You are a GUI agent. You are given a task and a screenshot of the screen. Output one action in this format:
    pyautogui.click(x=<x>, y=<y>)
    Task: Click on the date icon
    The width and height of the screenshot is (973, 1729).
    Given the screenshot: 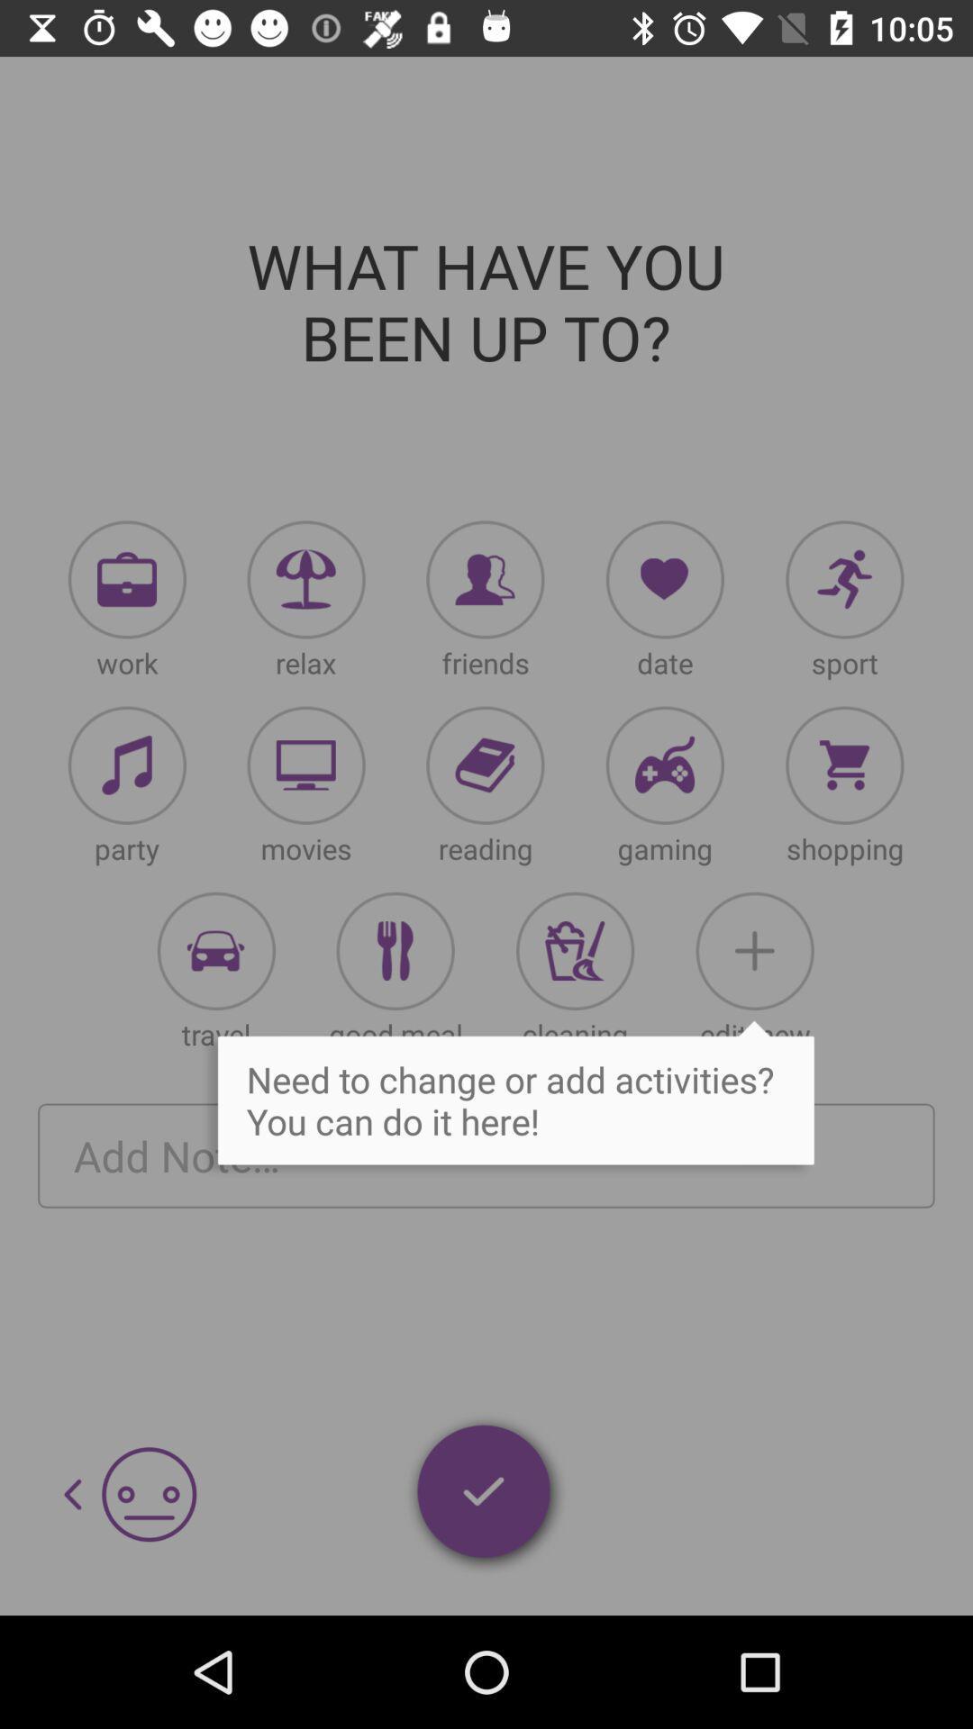 What is the action you would take?
    pyautogui.click(x=665, y=579)
    